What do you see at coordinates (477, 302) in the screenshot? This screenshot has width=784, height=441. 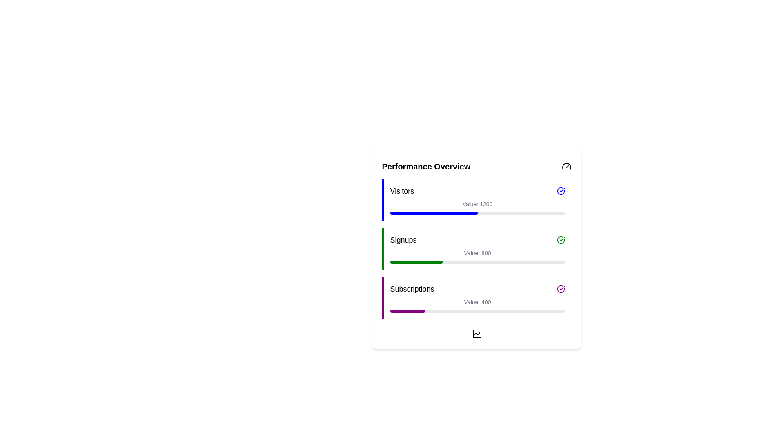 I see `the text display showing 'Value: 400' within the 'Subscriptions' section, located above the progress bar` at bounding box center [477, 302].